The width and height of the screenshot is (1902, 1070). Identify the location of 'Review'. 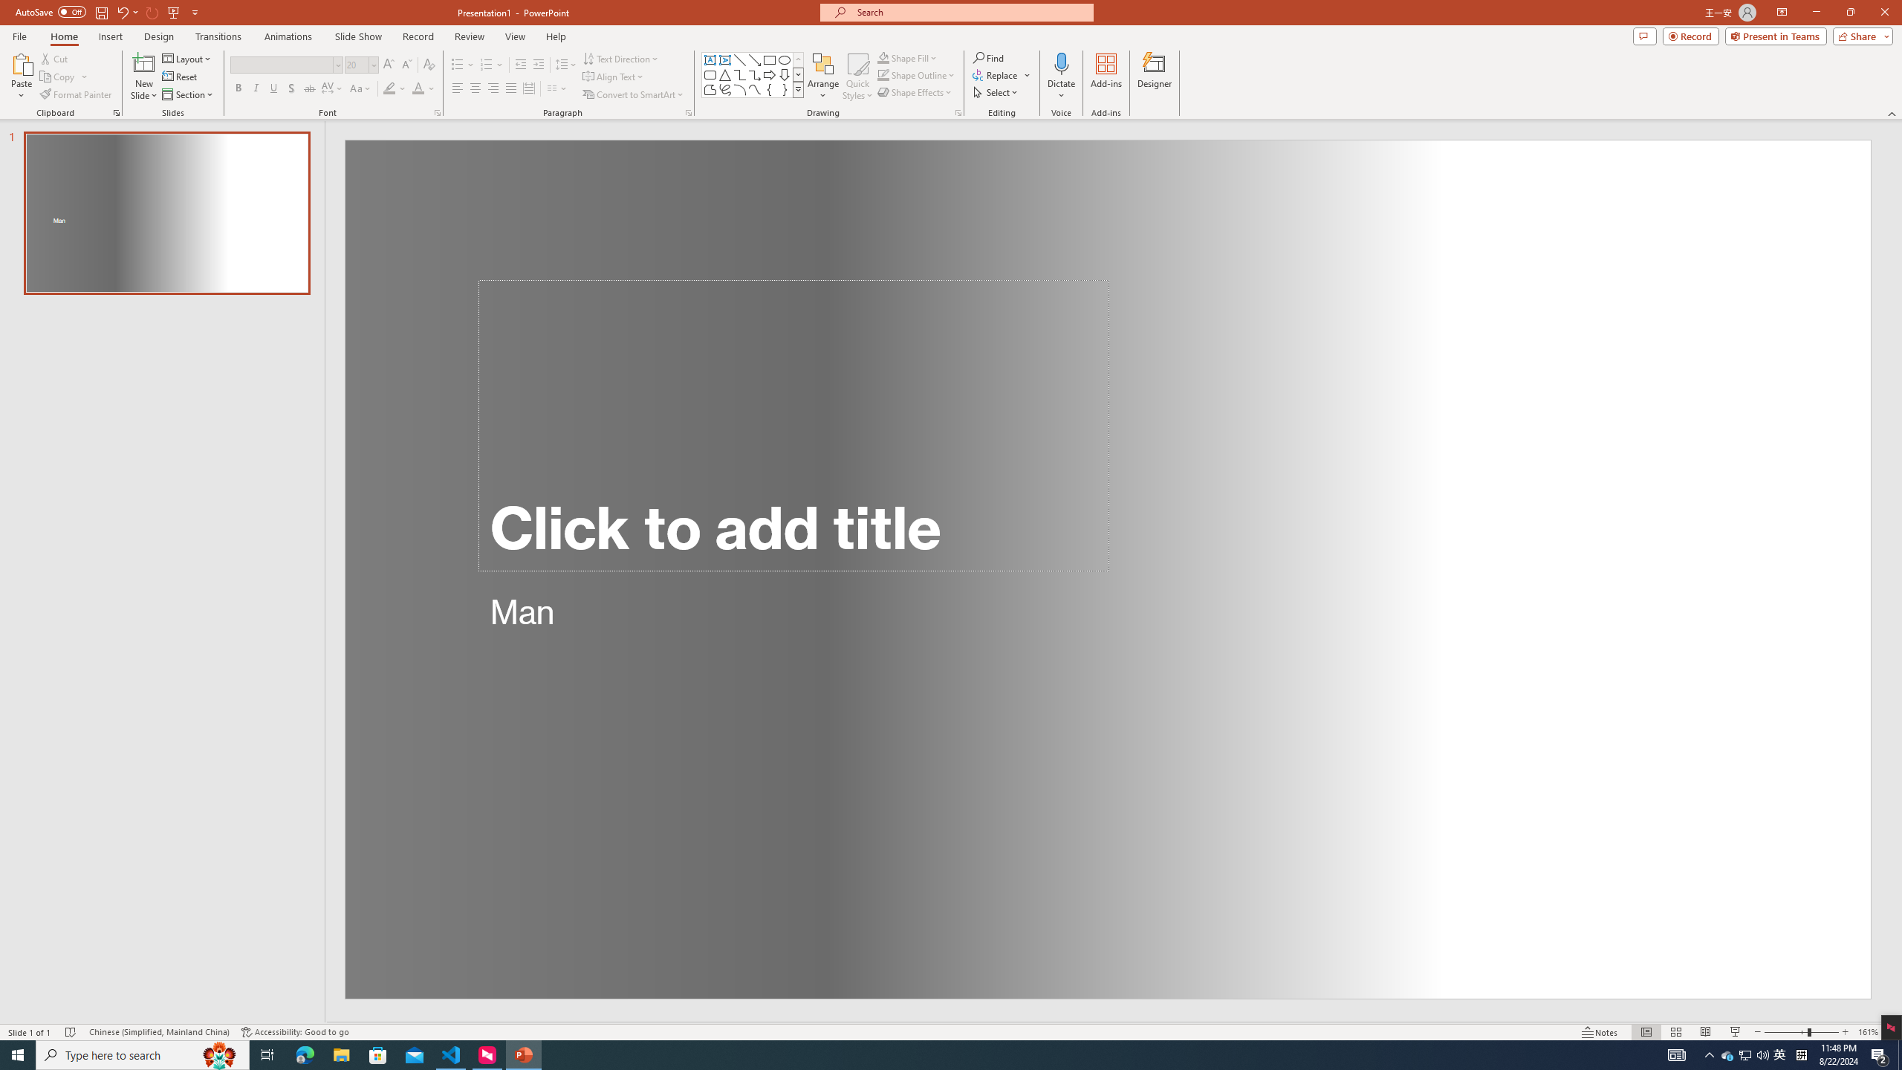
(469, 36).